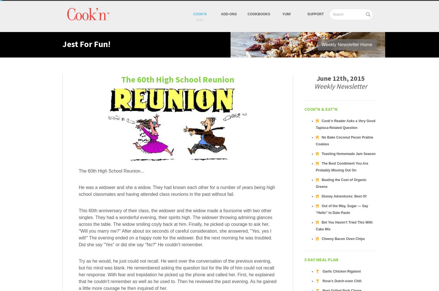 The height and width of the screenshot is (291, 439). I want to click on 'Out of the Way, Sugar — Say “Hello” to Date Paste', so click(342, 209).